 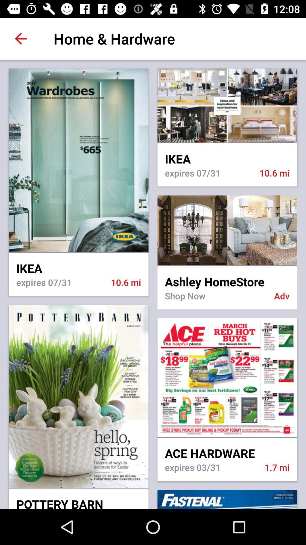 What do you see at coordinates (227, 278) in the screenshot?
I see `ashley homestore` at bounding box center [227, 278].